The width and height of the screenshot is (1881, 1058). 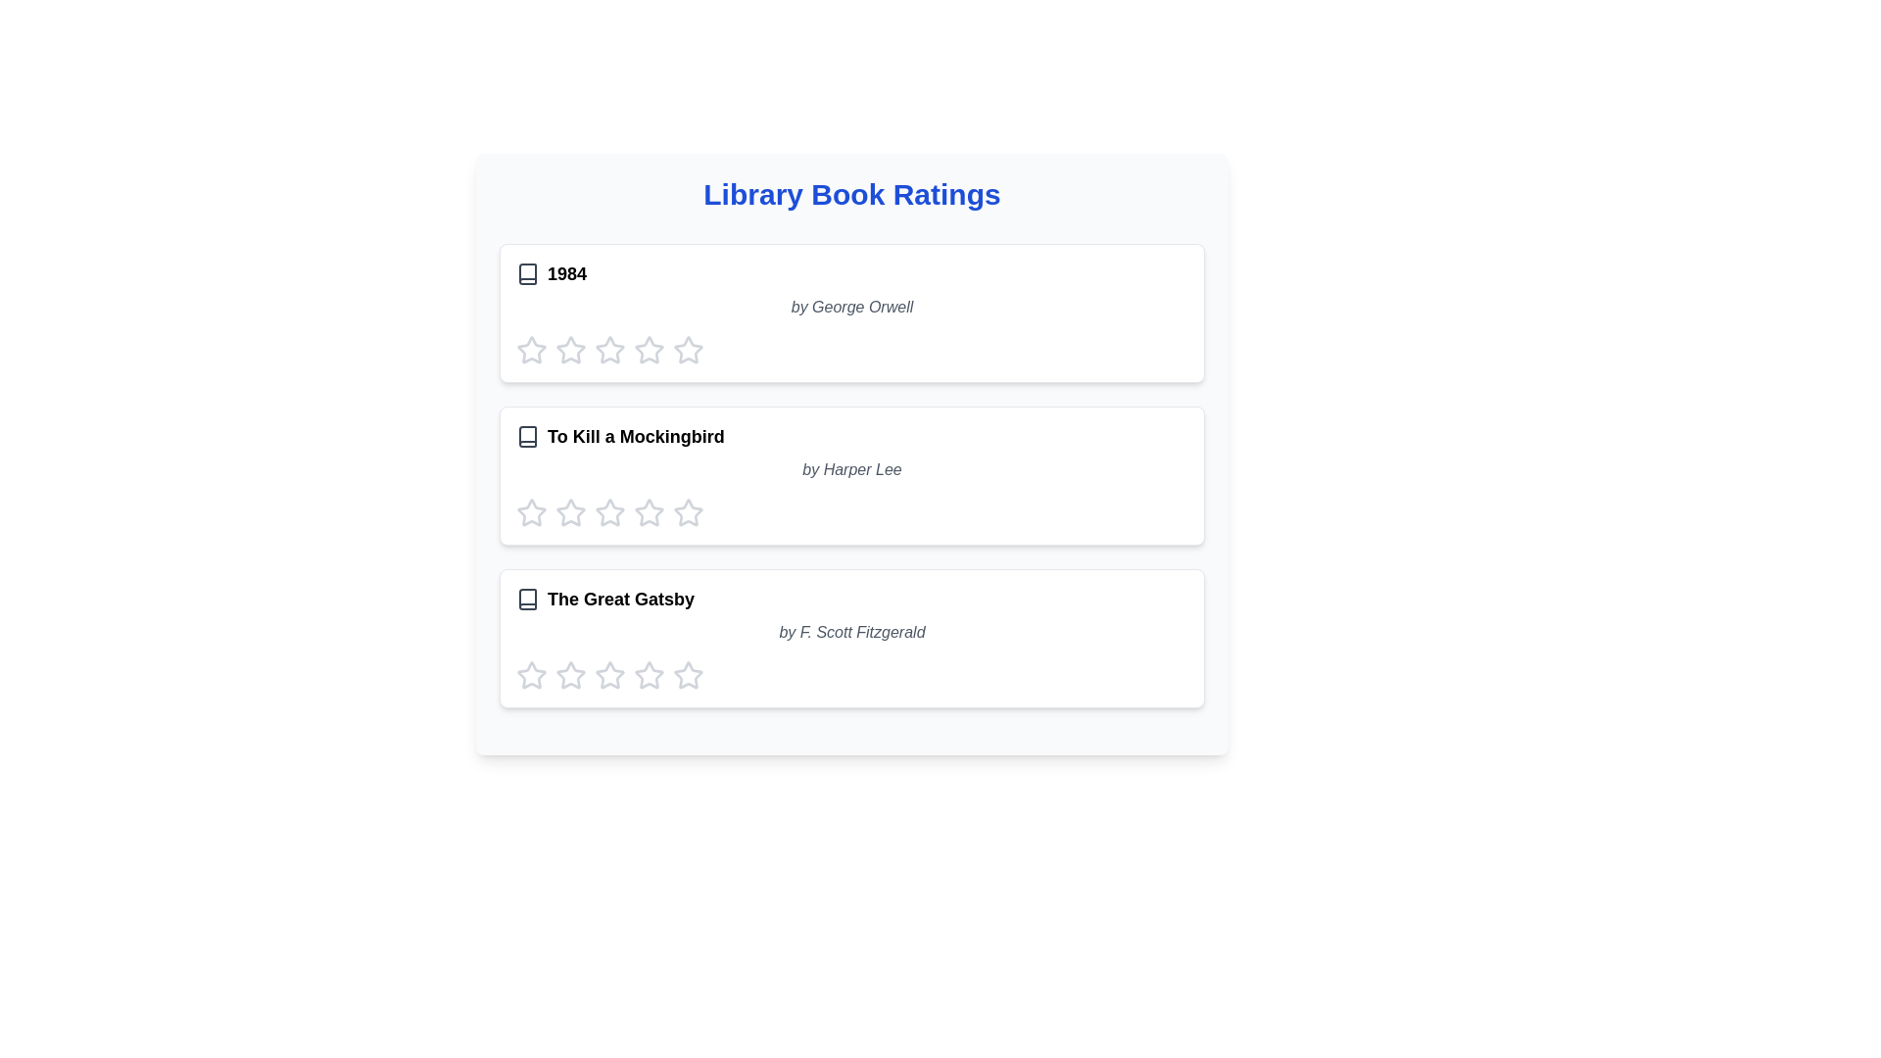 I want to click on the fourth star-shaped icon in the horizontal row below the title '1984' by George Orwell to rate it, so click(x=609, y=350).